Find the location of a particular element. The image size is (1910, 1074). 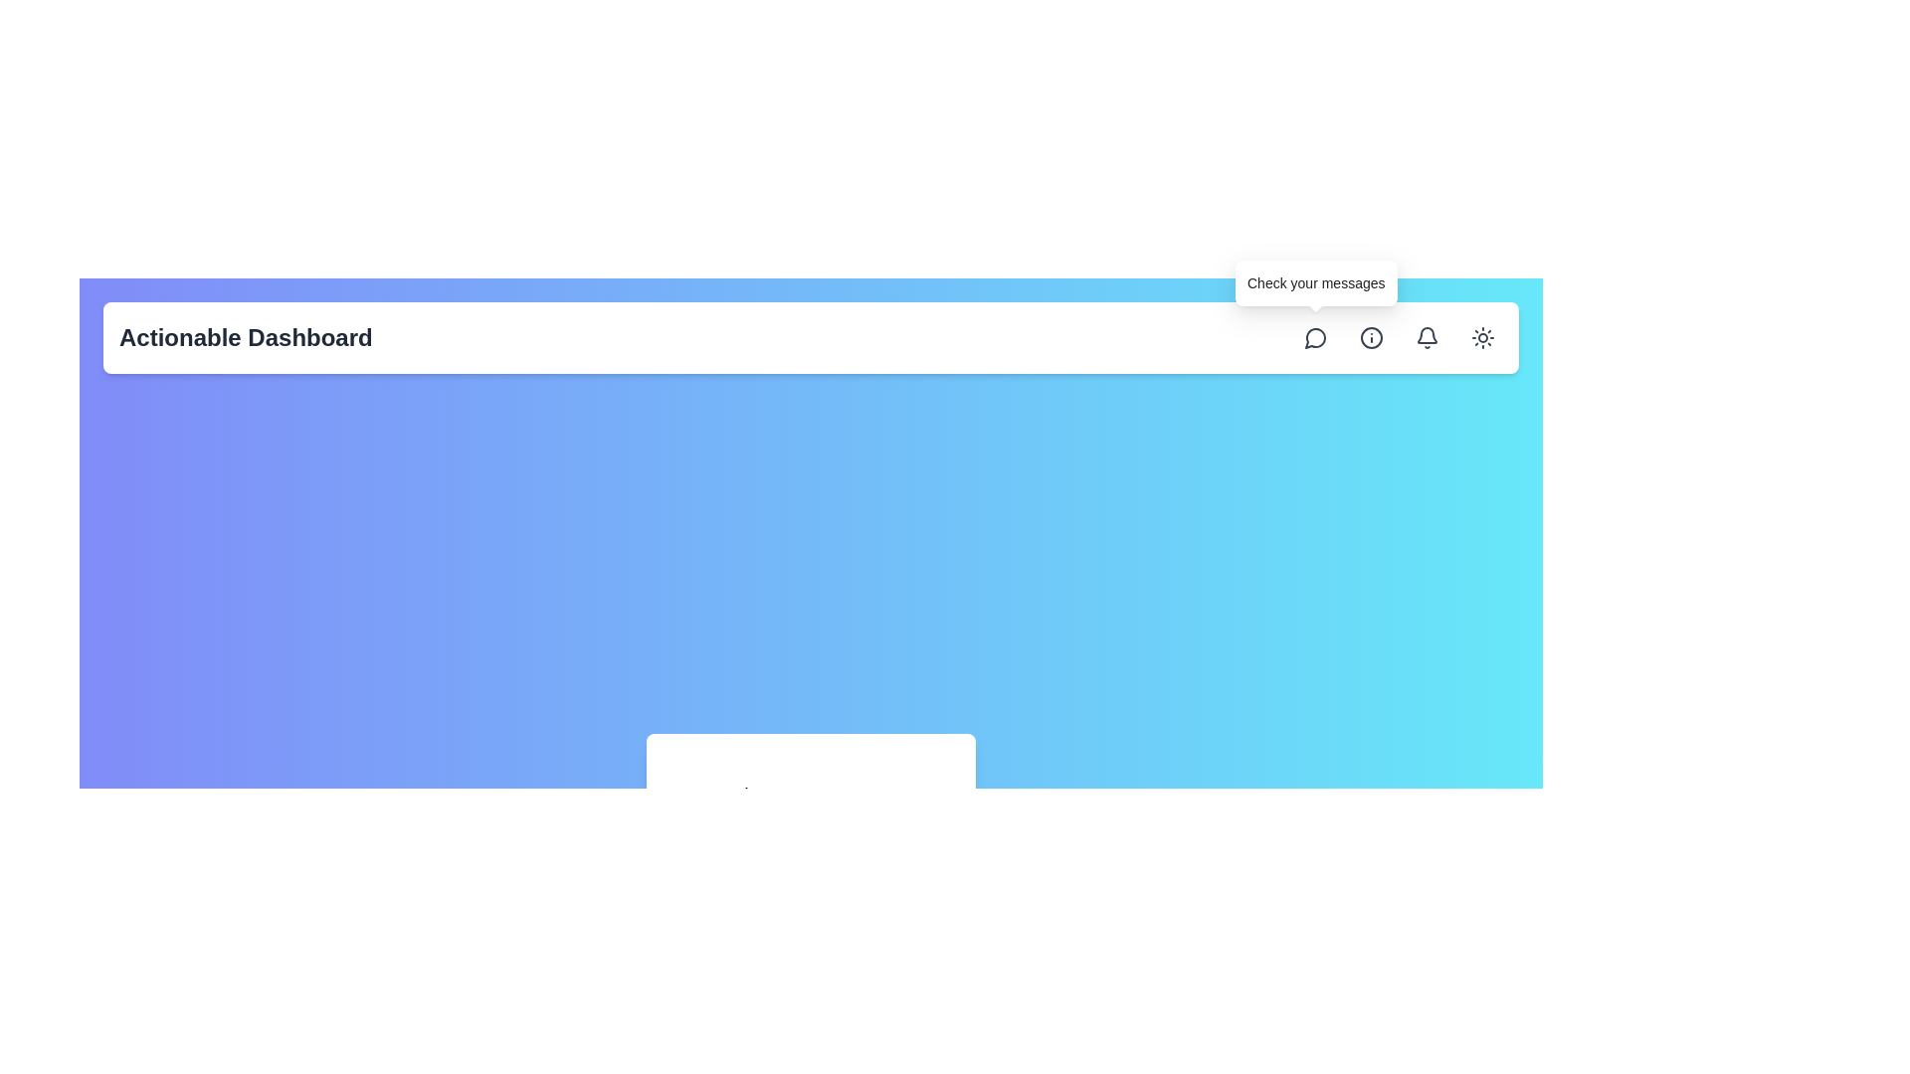

the circular speech bubble icon in the top-right corner of the navigation bar is located at coordinates (1316, 336).